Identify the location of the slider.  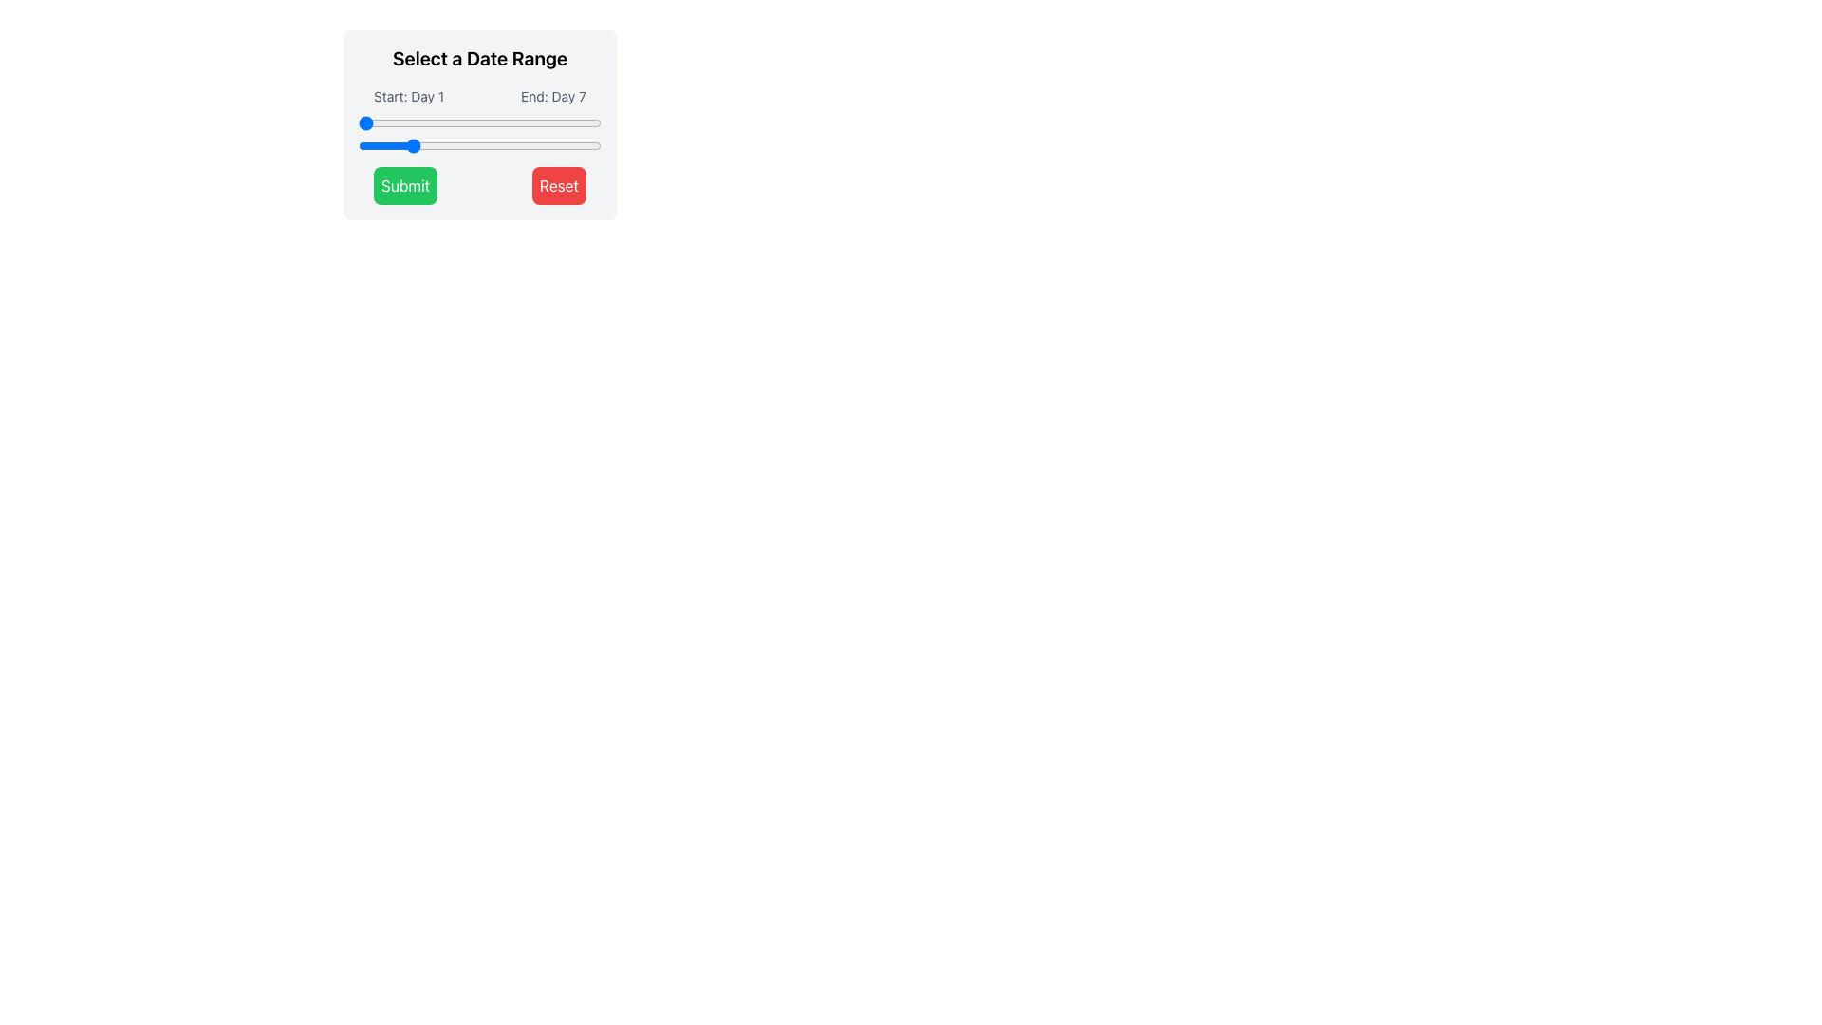
(375, 123).